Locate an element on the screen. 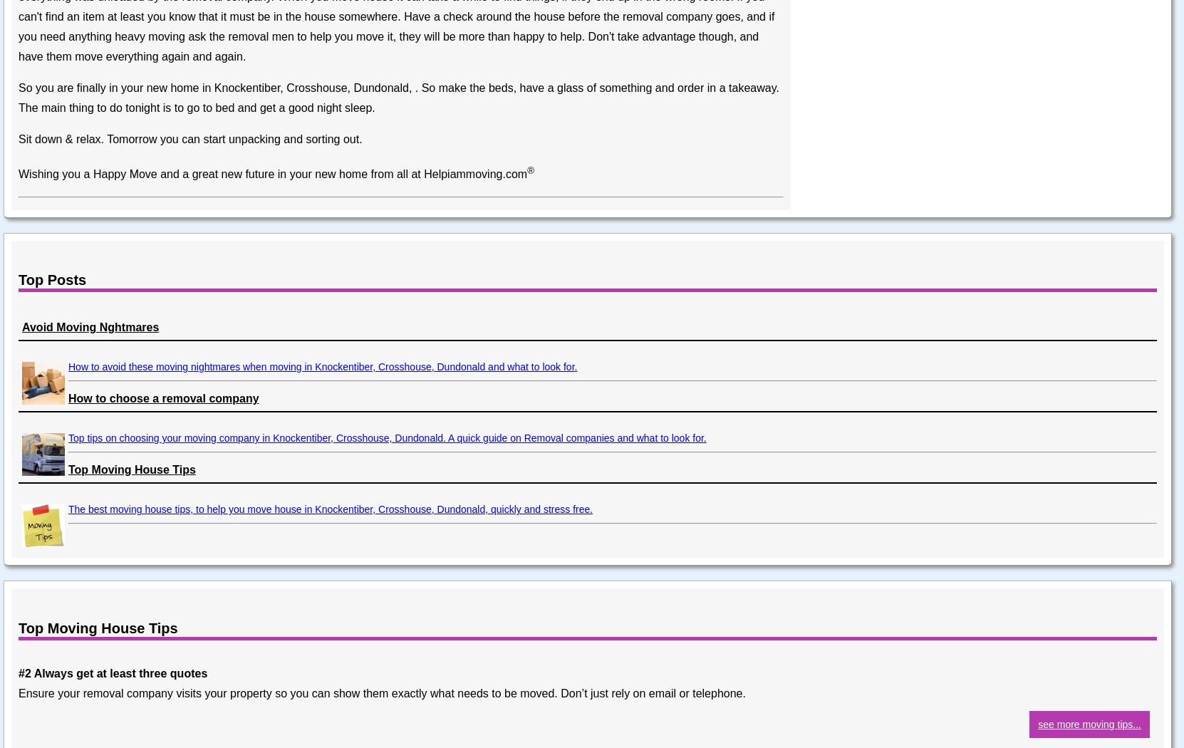  'So you are finally in your new home in Knockentiber, Crosshouse, Dundonald, . So make the beds, have a glass of something and order in a takeaway. The main thing to do tonight is to go to bed and get a good night sleep.' is located at coordinates (398, 97).